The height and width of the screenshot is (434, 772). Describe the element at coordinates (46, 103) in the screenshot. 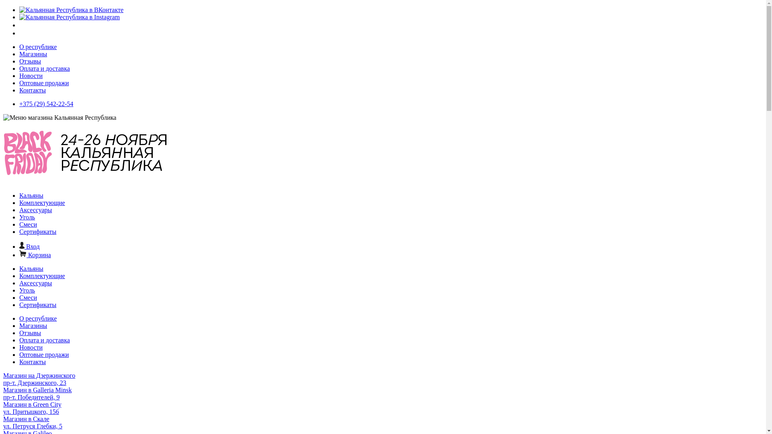

I see `'+375 (29) 542-22-54'` at that location.